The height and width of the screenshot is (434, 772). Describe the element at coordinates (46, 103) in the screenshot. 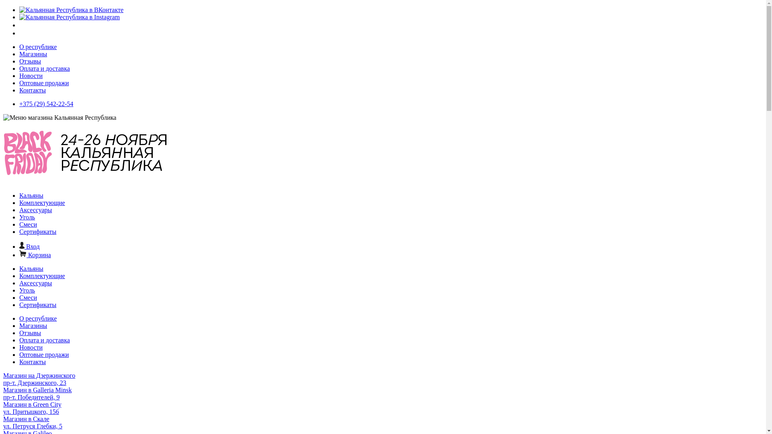

I see `'+375 (29) 542-22-54'` at that location.